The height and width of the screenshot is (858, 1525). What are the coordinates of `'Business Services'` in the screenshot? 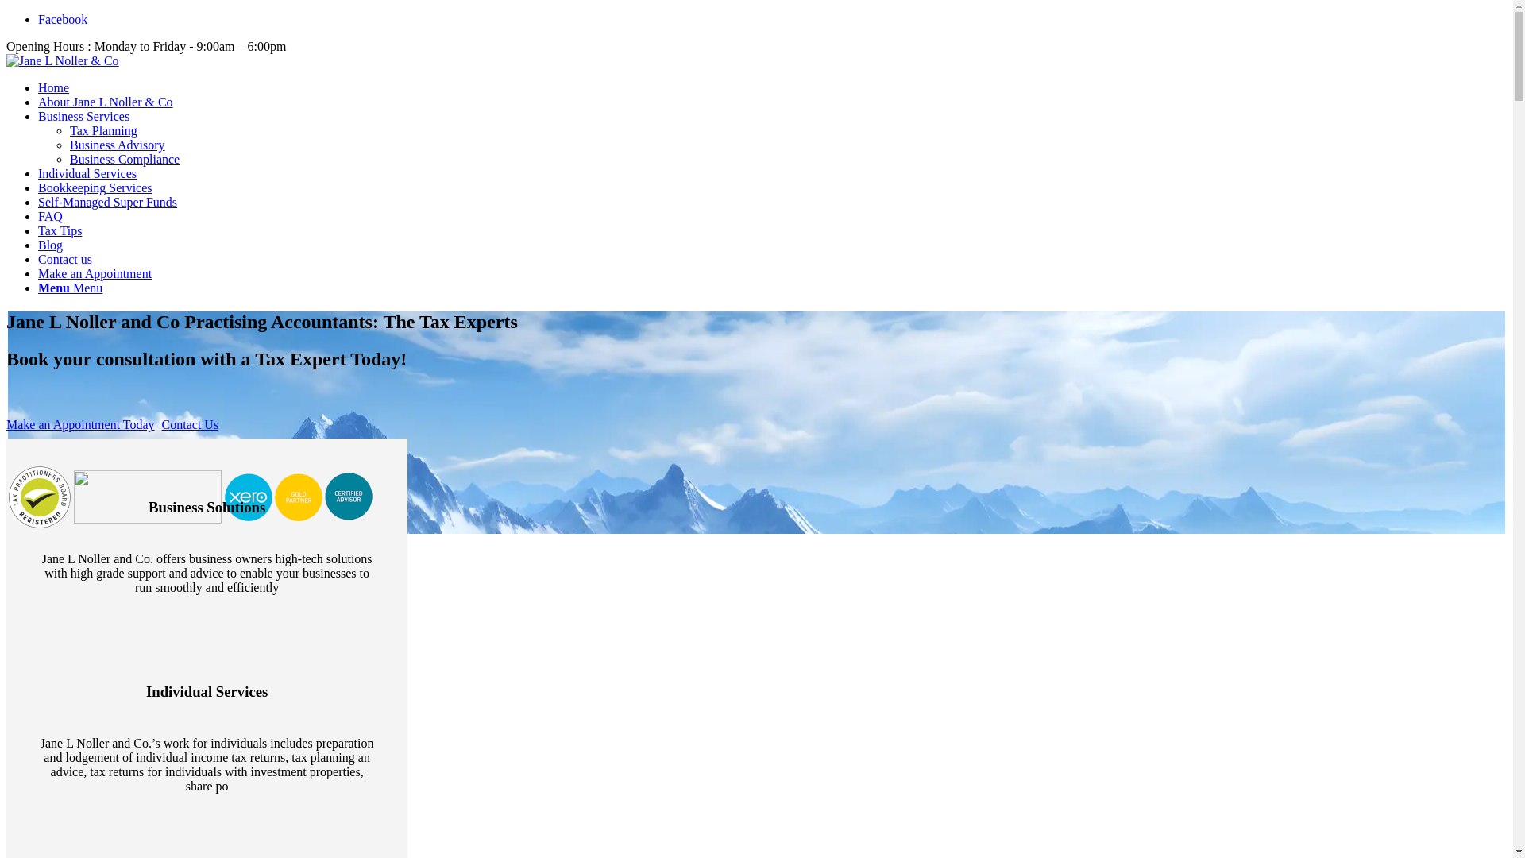 It's located at (83, 115).